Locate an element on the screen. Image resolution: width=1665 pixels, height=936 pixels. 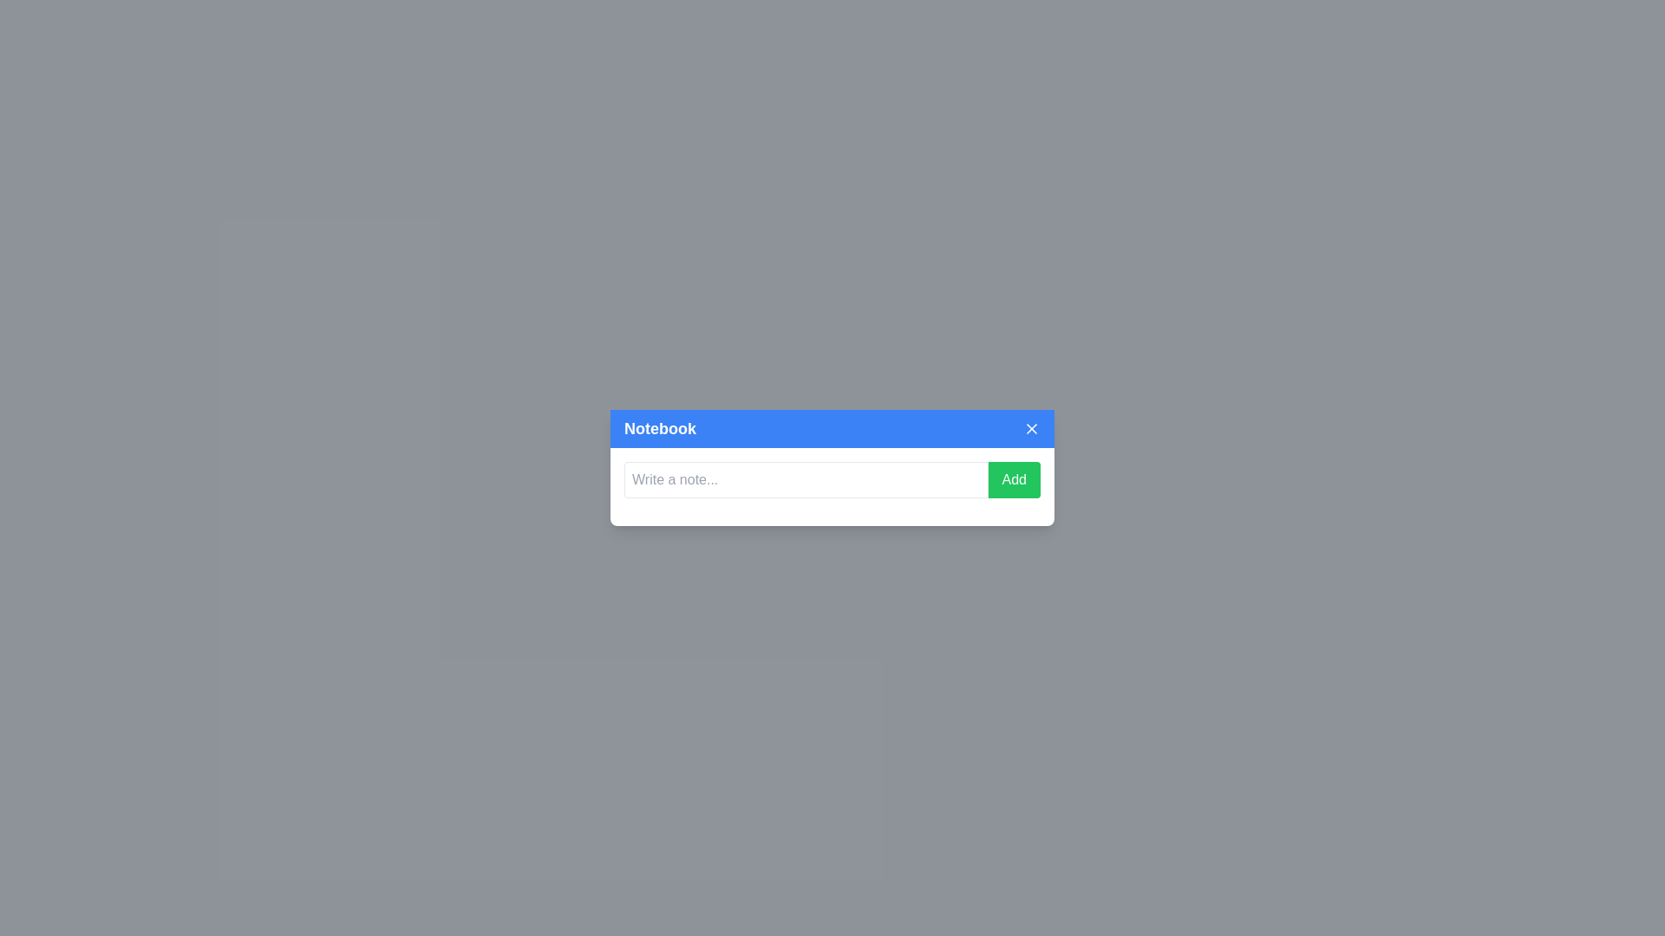
the 'Add' button to add the note is located at coordinates (1014, 480).